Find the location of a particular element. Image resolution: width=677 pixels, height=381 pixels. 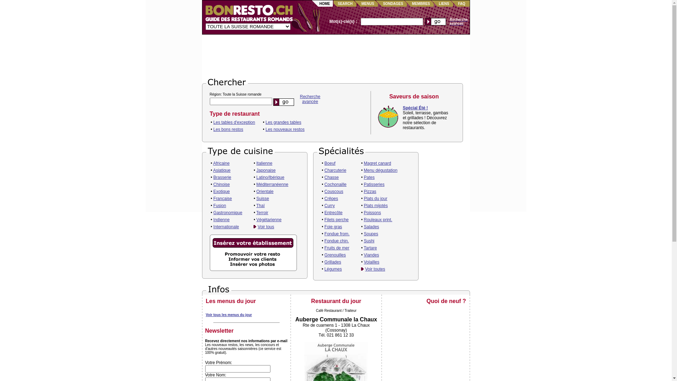

'FAQ' is located at coordinates (458, 3).